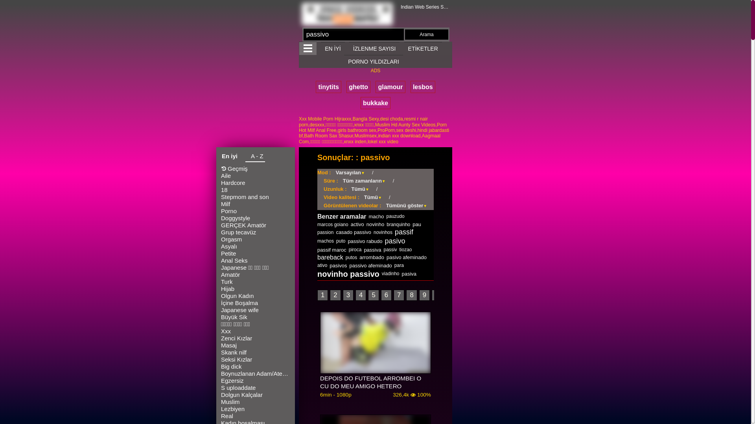 The height and width of the screenshot is (424, 755). I want to click on 'pasiva', so click(409, 273).